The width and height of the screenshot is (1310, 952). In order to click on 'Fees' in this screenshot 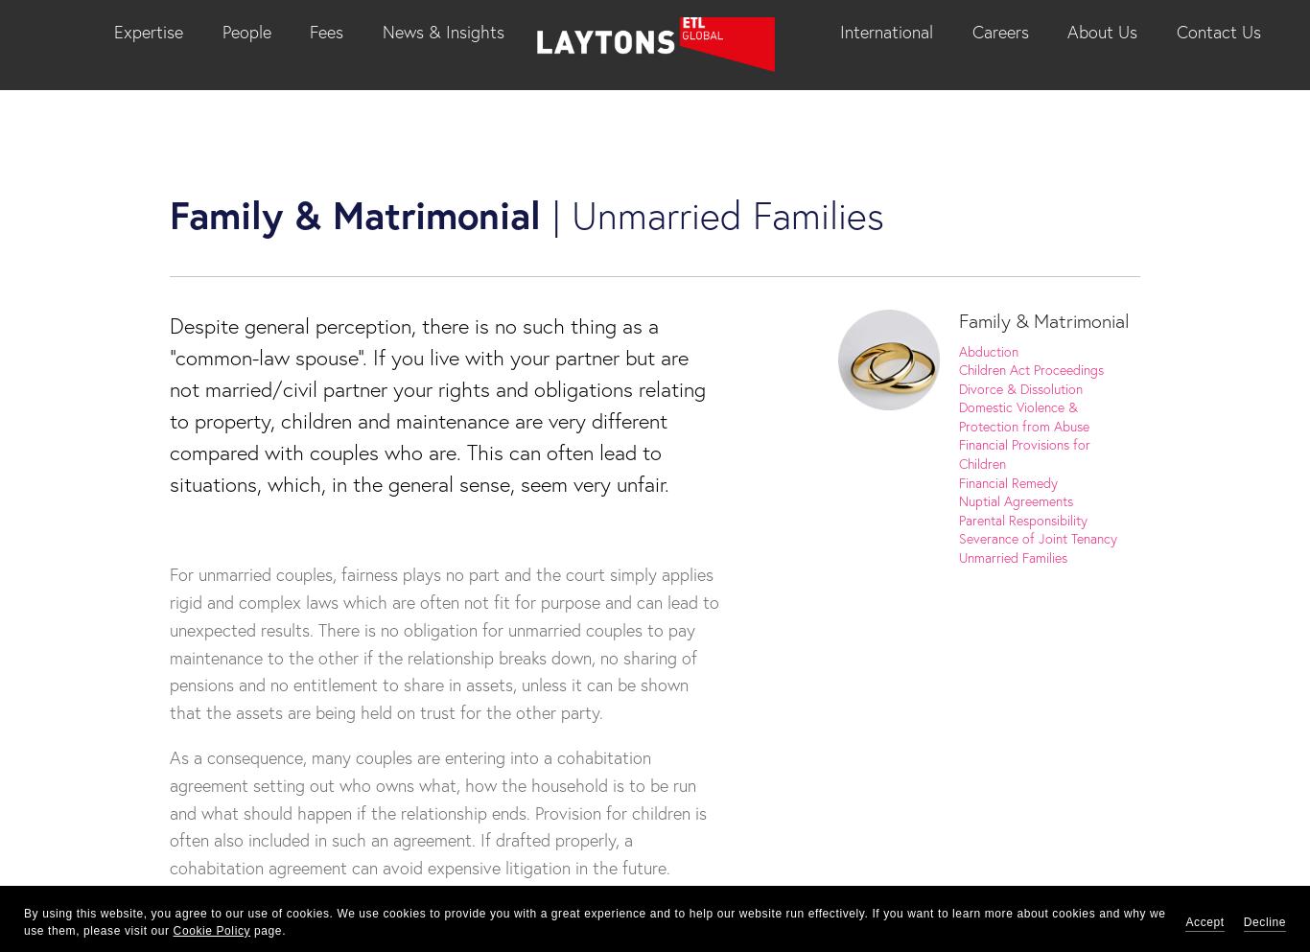, I will do `click(326, 30)`.